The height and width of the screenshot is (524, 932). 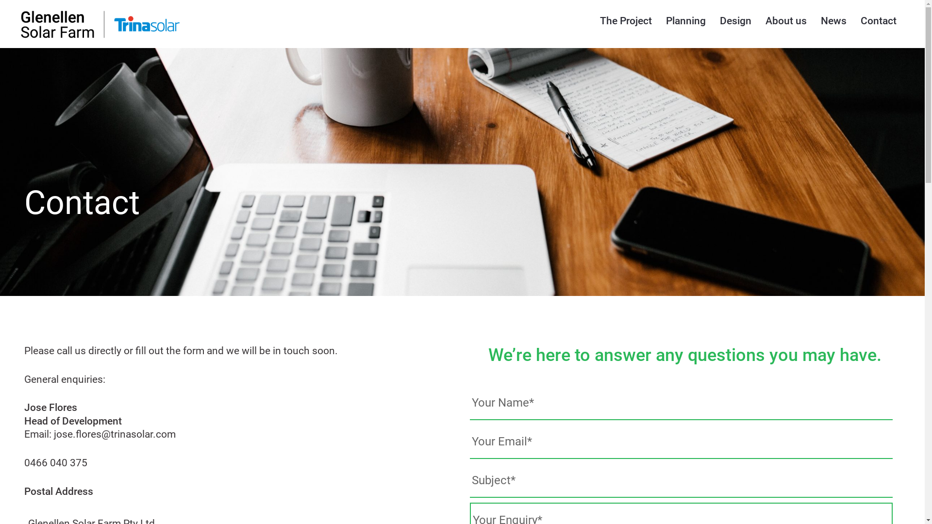 I want to click on 'Contact', so click(x=878, y=20).